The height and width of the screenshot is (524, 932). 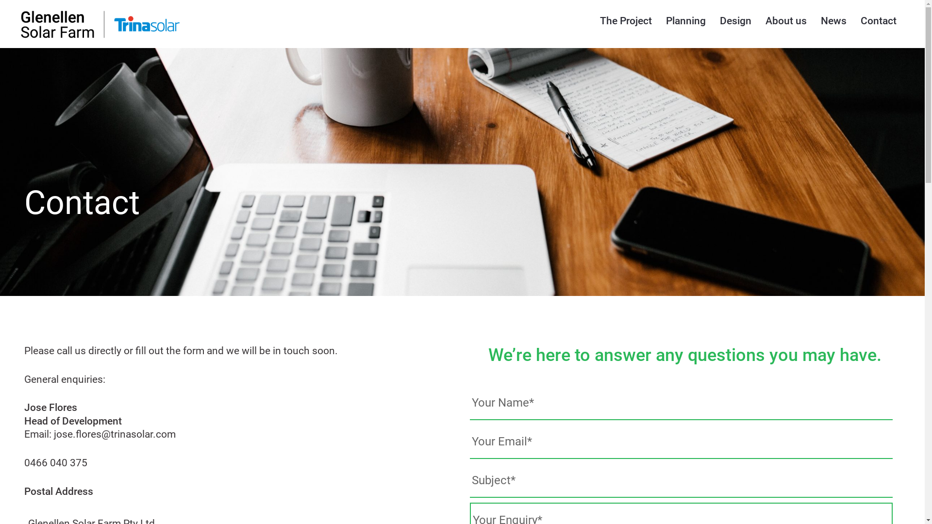 I want to click on 'Contact', so click(x=878, y=20).